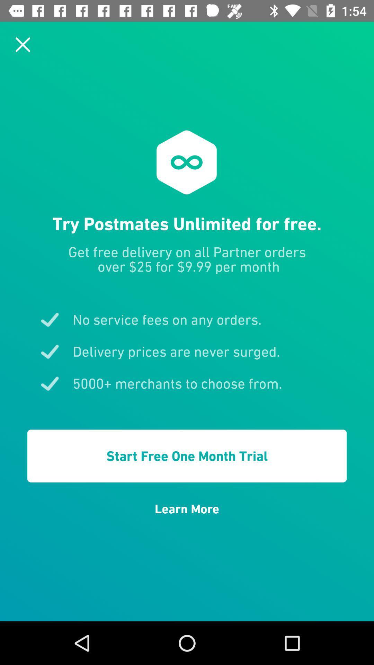 This screenshot has height=665, width=374. What do you see at coordinates (22, 44) in the screenshot?
I see `the icon at the top left corner` at bounding box center [22, 44].